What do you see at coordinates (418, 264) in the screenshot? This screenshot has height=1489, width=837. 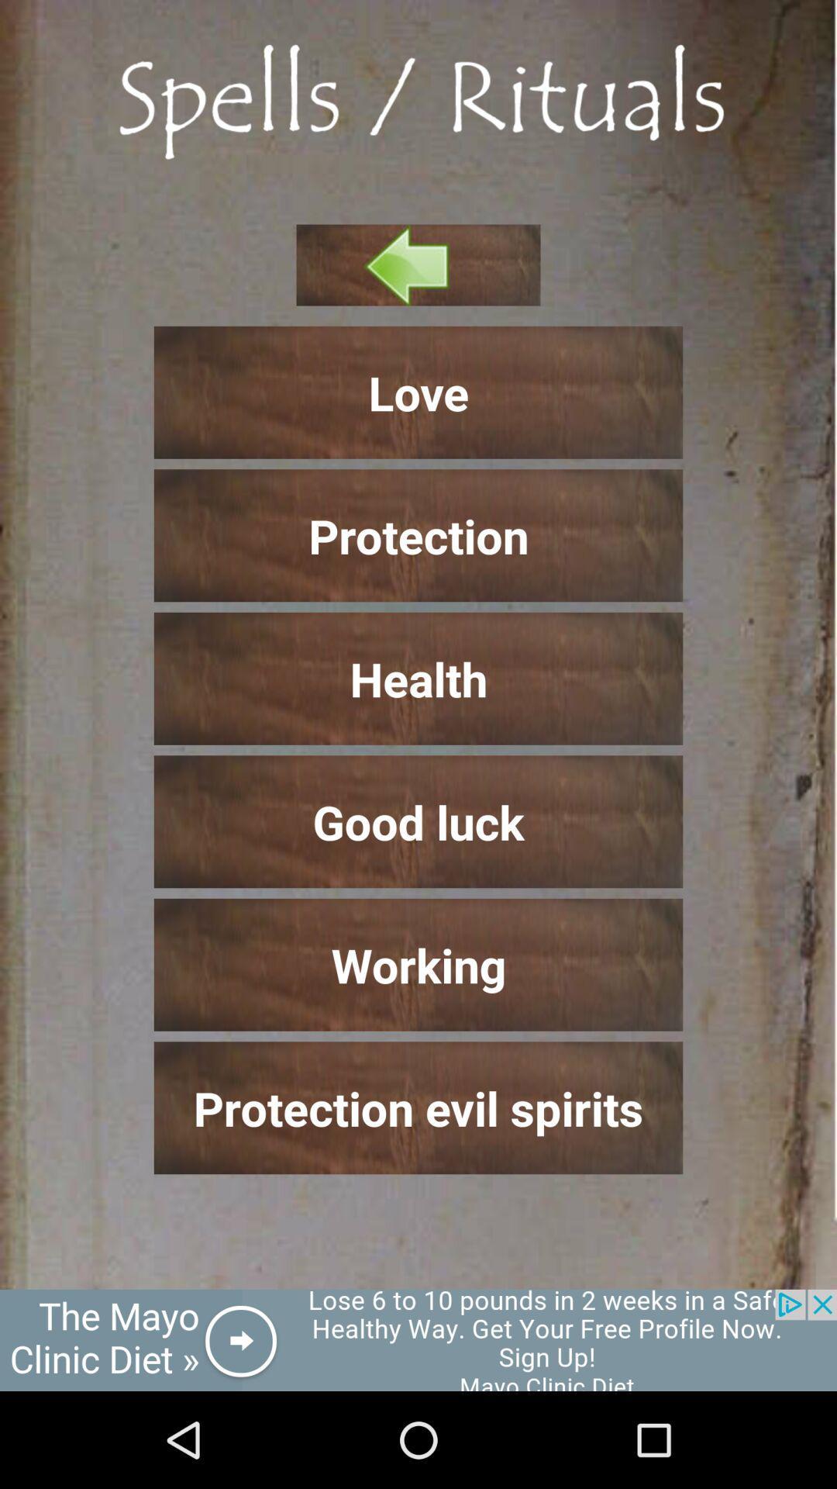 I see `previous page` at bounding box center [418, 264].